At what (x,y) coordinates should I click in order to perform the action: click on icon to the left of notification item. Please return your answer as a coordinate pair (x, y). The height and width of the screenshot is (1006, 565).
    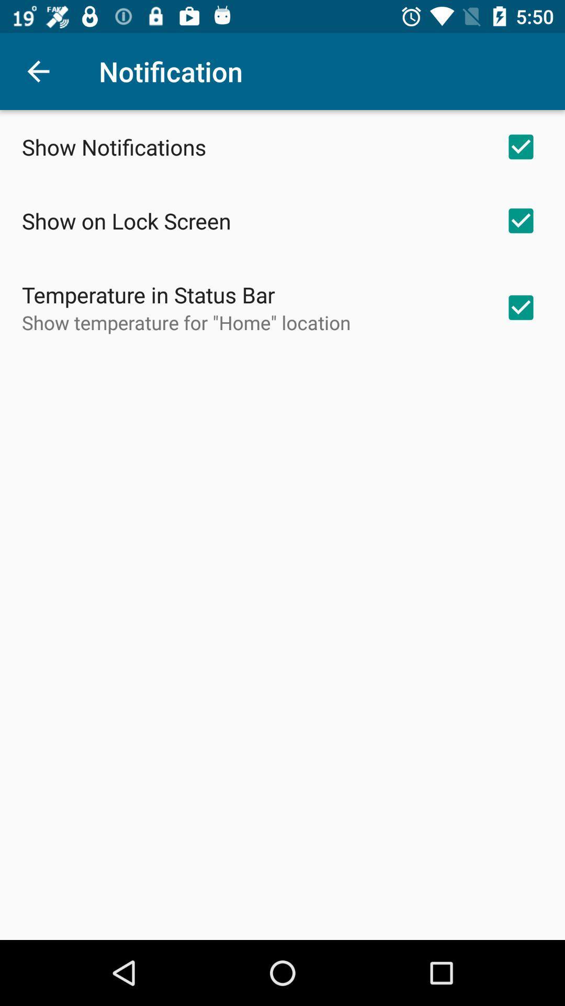
    Looking at the image, I should click on (38, 71).